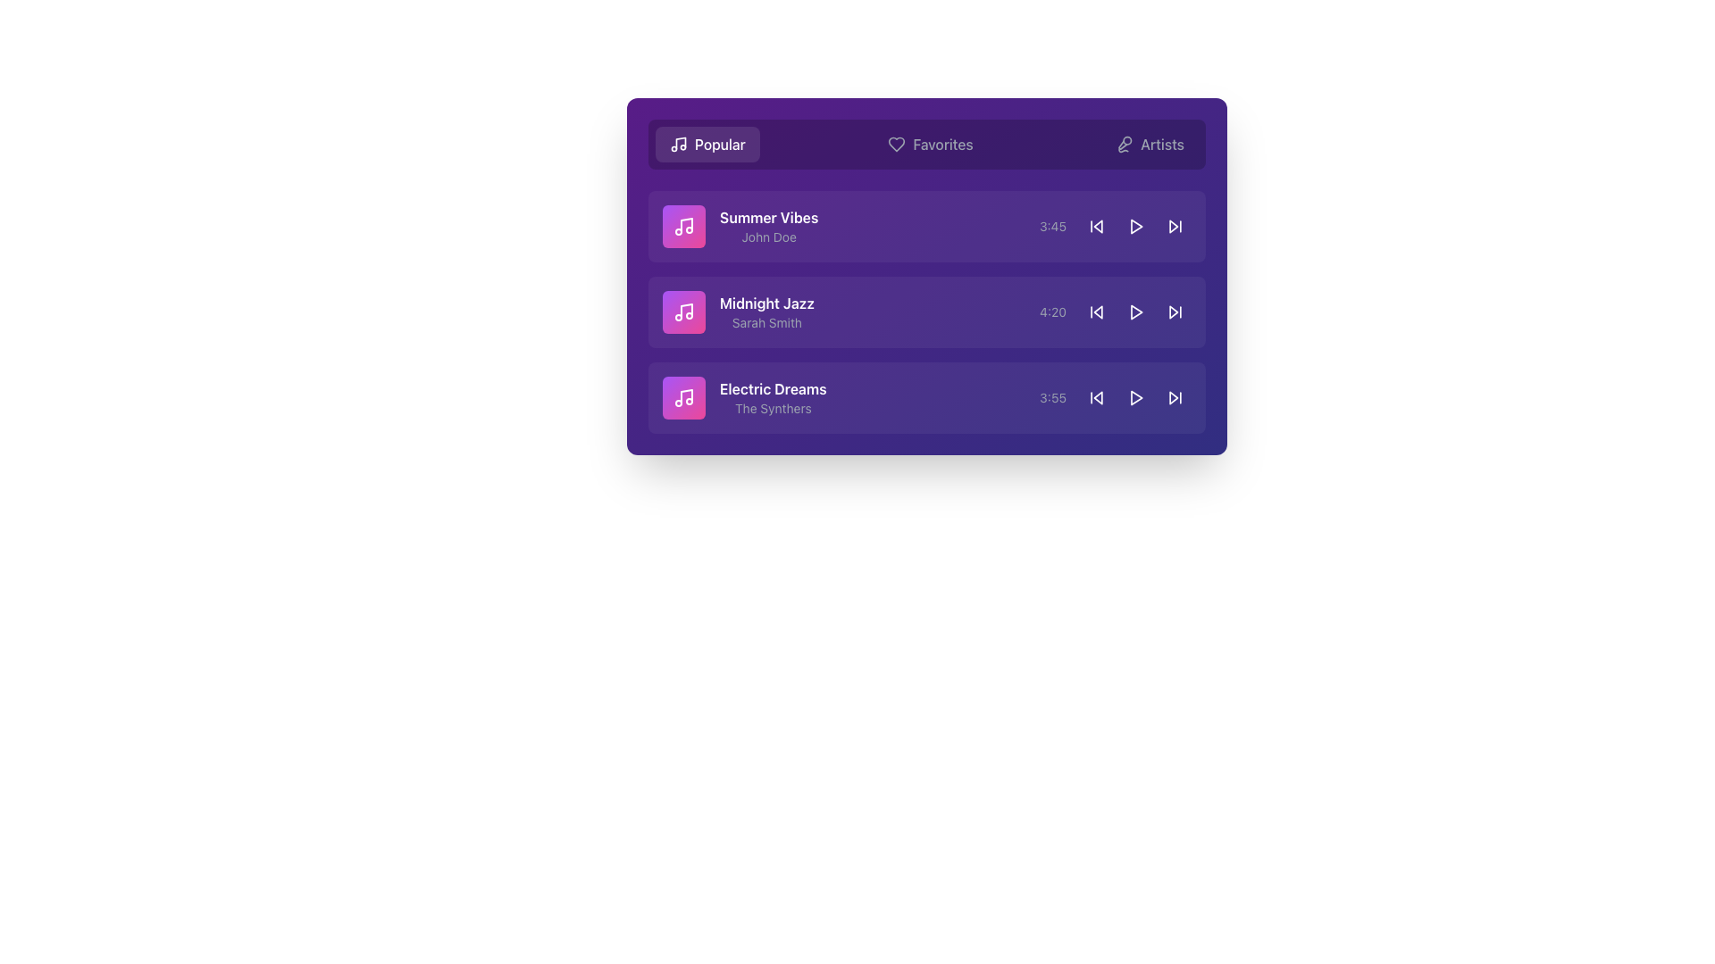  What do you see at coordinates (1175, 312) in the screenshot?
I see `the forward navigation button styled as a simple arrow inside a circular button with a purple background, located in the second row of the list, to the far right in the last column` at bounding box center [1175, 312].